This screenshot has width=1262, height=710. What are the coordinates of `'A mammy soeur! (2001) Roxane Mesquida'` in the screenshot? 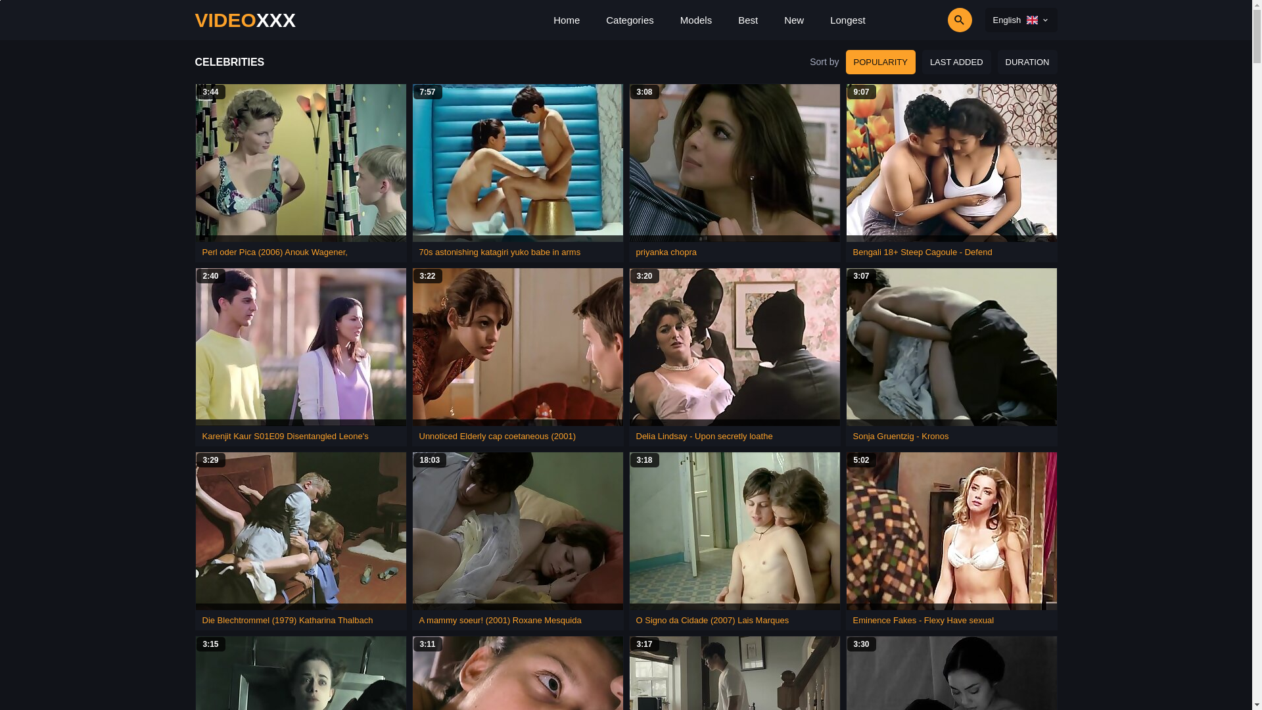 It's located at (500, 620).